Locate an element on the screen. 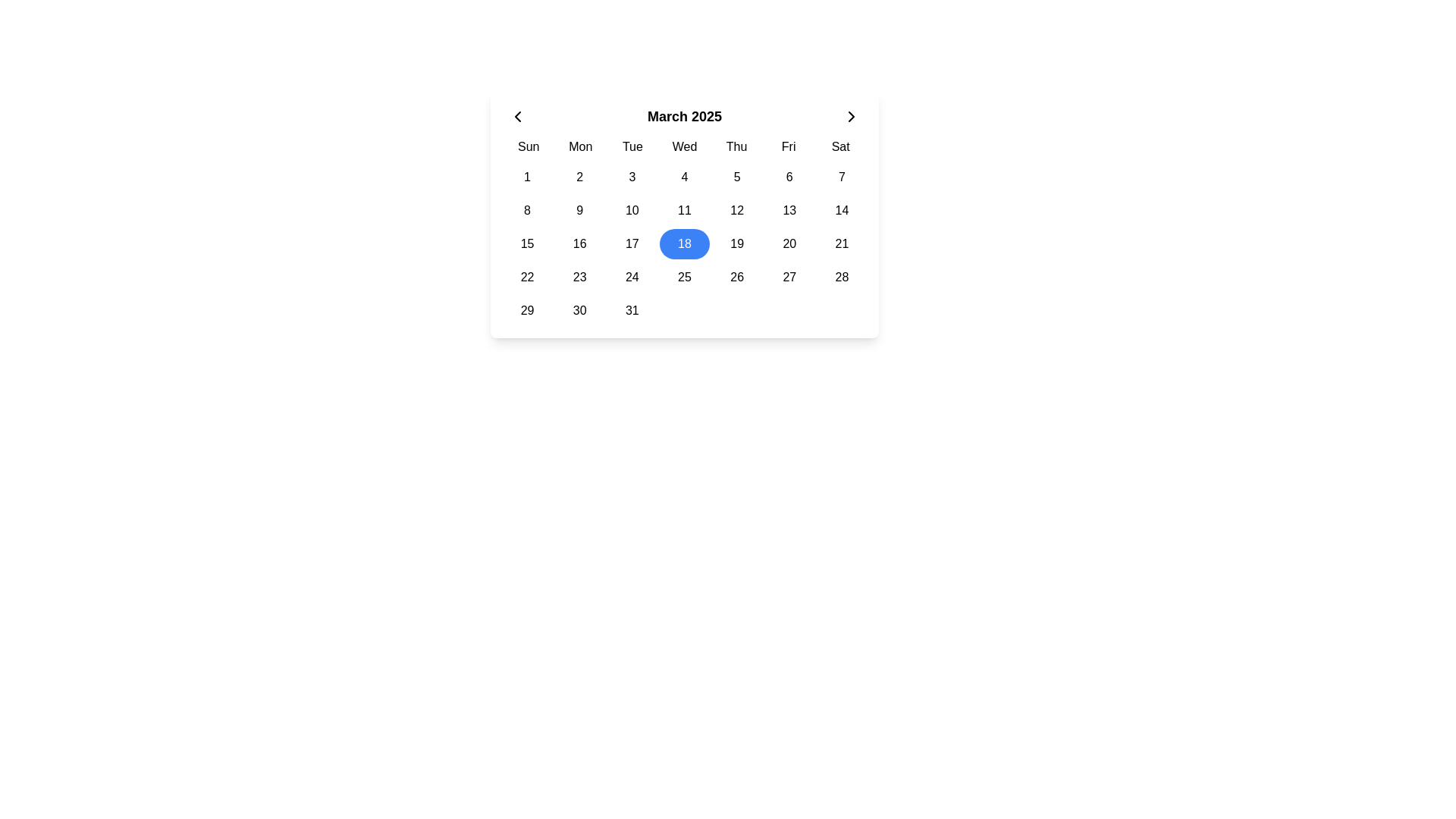  the leftward chevron arrow button located in the top-left corner of the calendar interface is located at coordinates (517, 116).